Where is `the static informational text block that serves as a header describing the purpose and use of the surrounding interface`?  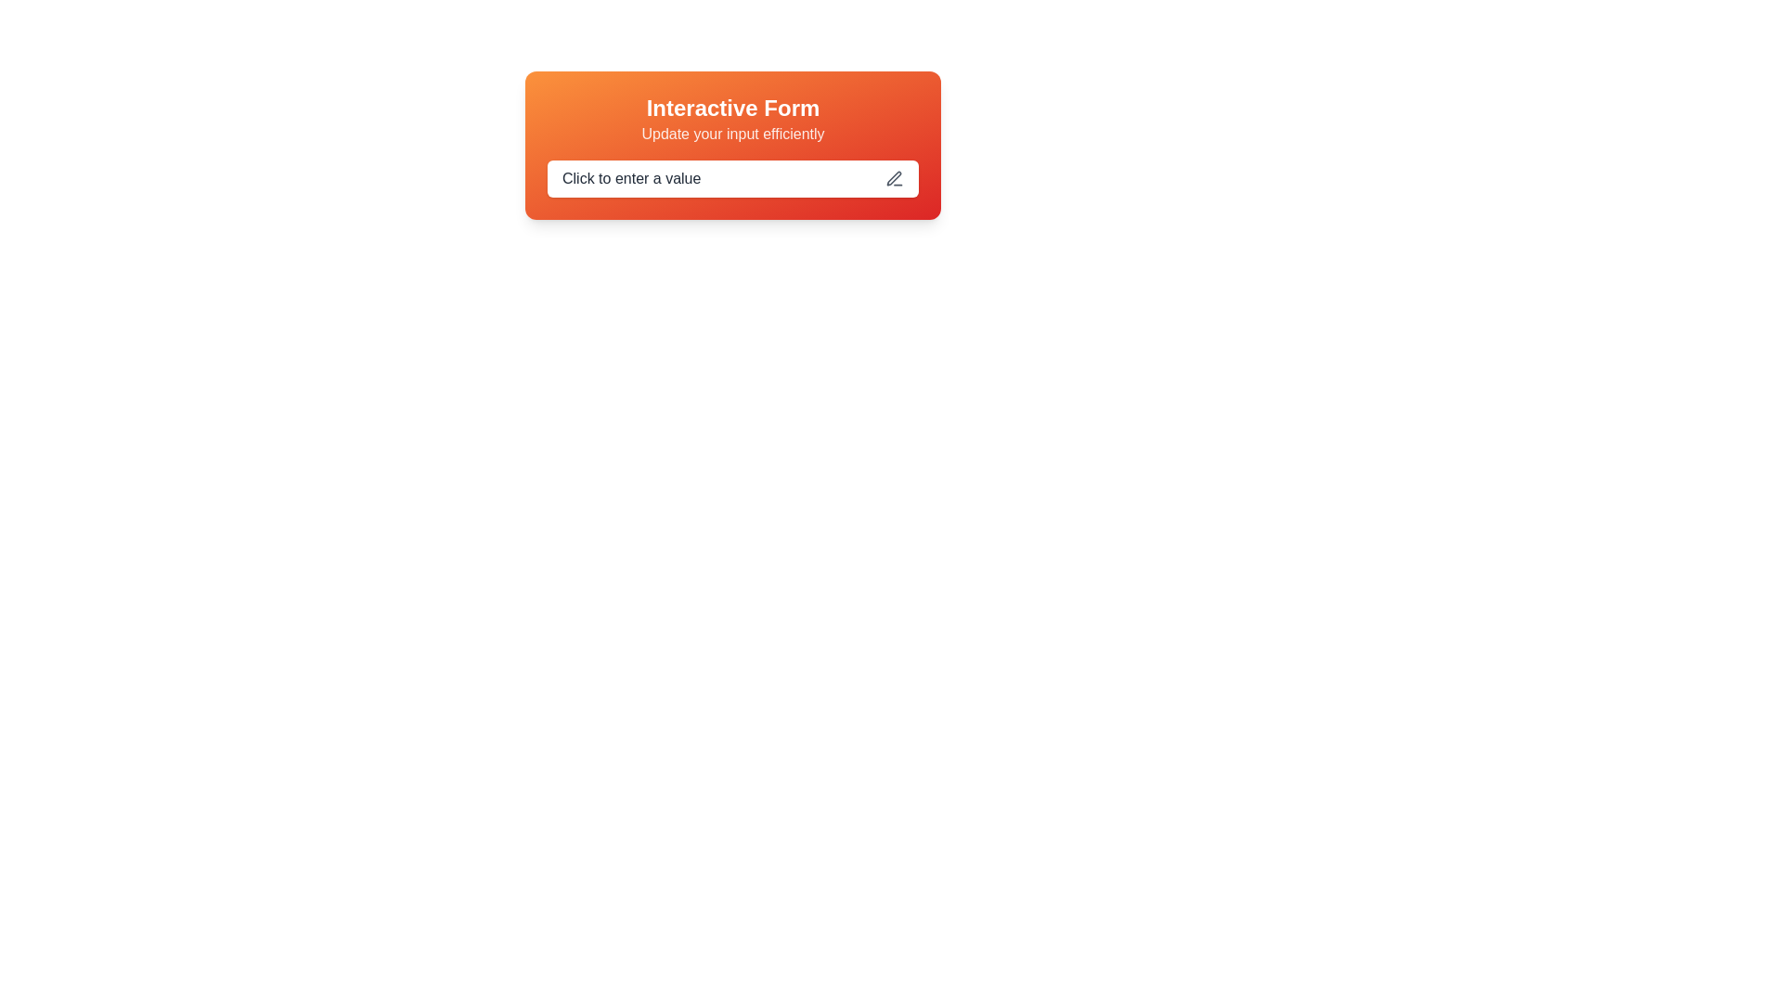 the static informational text block that serves as a header describing the purpose and use of the surrounding interface is located at coordinates (732, 119).